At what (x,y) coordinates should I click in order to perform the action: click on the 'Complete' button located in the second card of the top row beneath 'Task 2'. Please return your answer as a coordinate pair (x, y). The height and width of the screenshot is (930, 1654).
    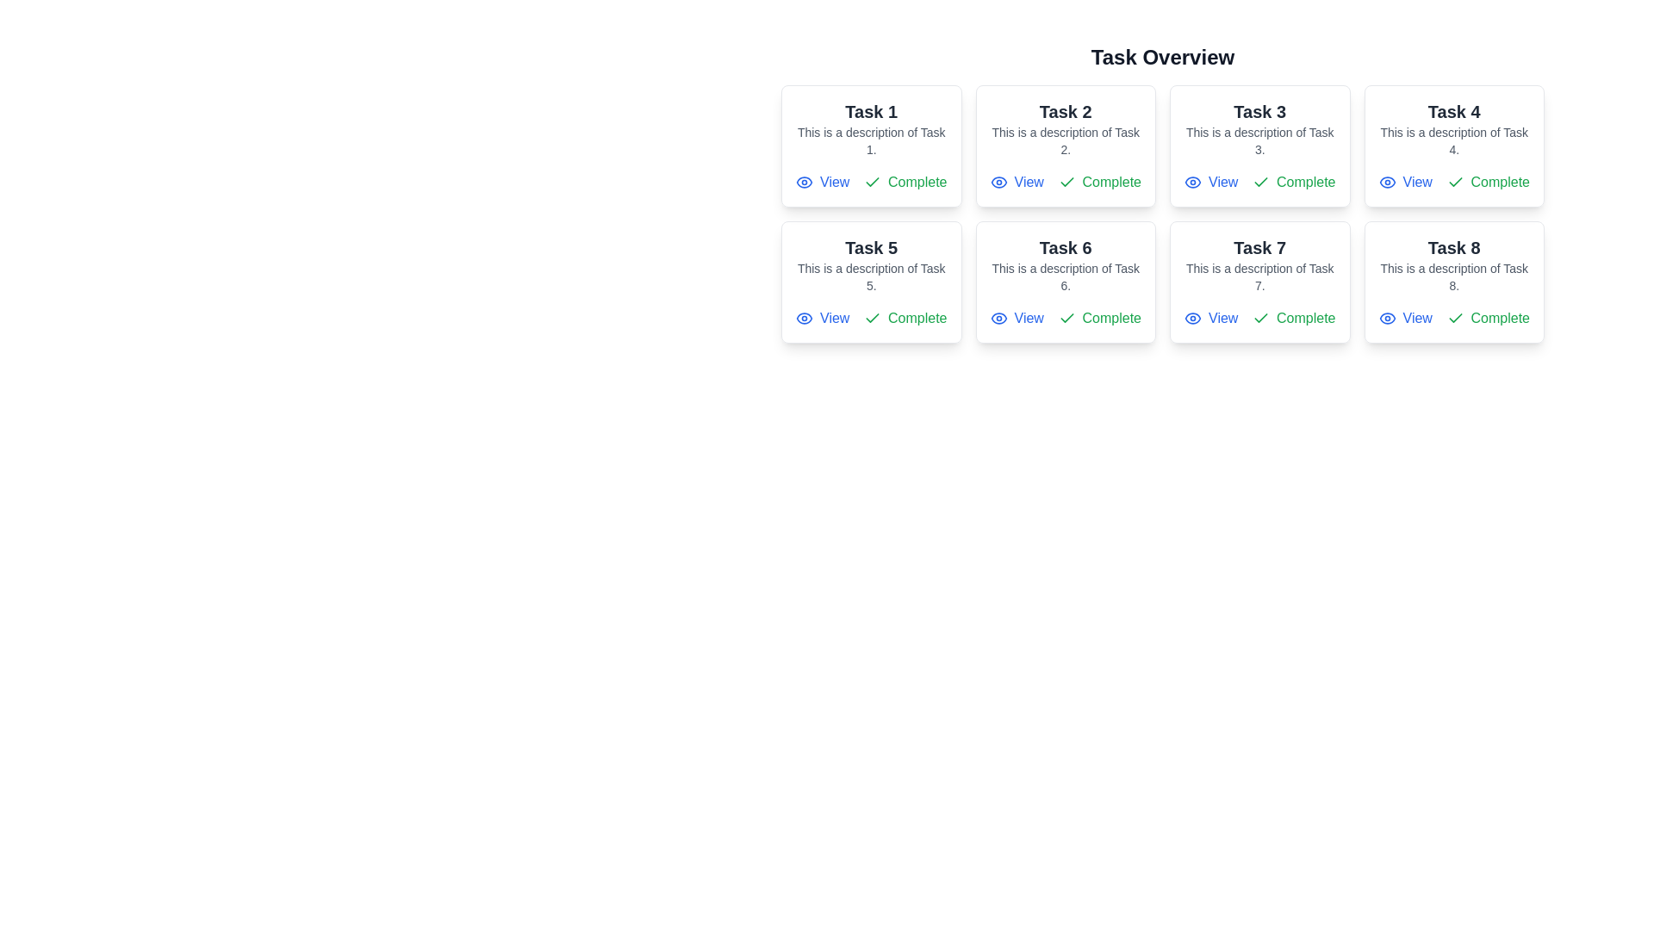
    Looking at the image, I should click on (1098, 183).